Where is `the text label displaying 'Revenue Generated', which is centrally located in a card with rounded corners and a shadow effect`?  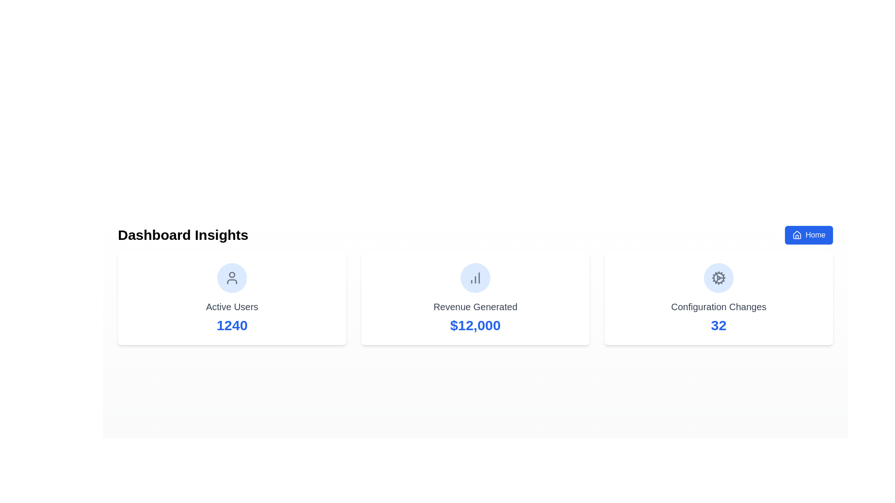 the text label displaying 'Revenue Generated', which is centrally located in a card with rounded corners and a shadow effect is located at coordinates (475, 307).